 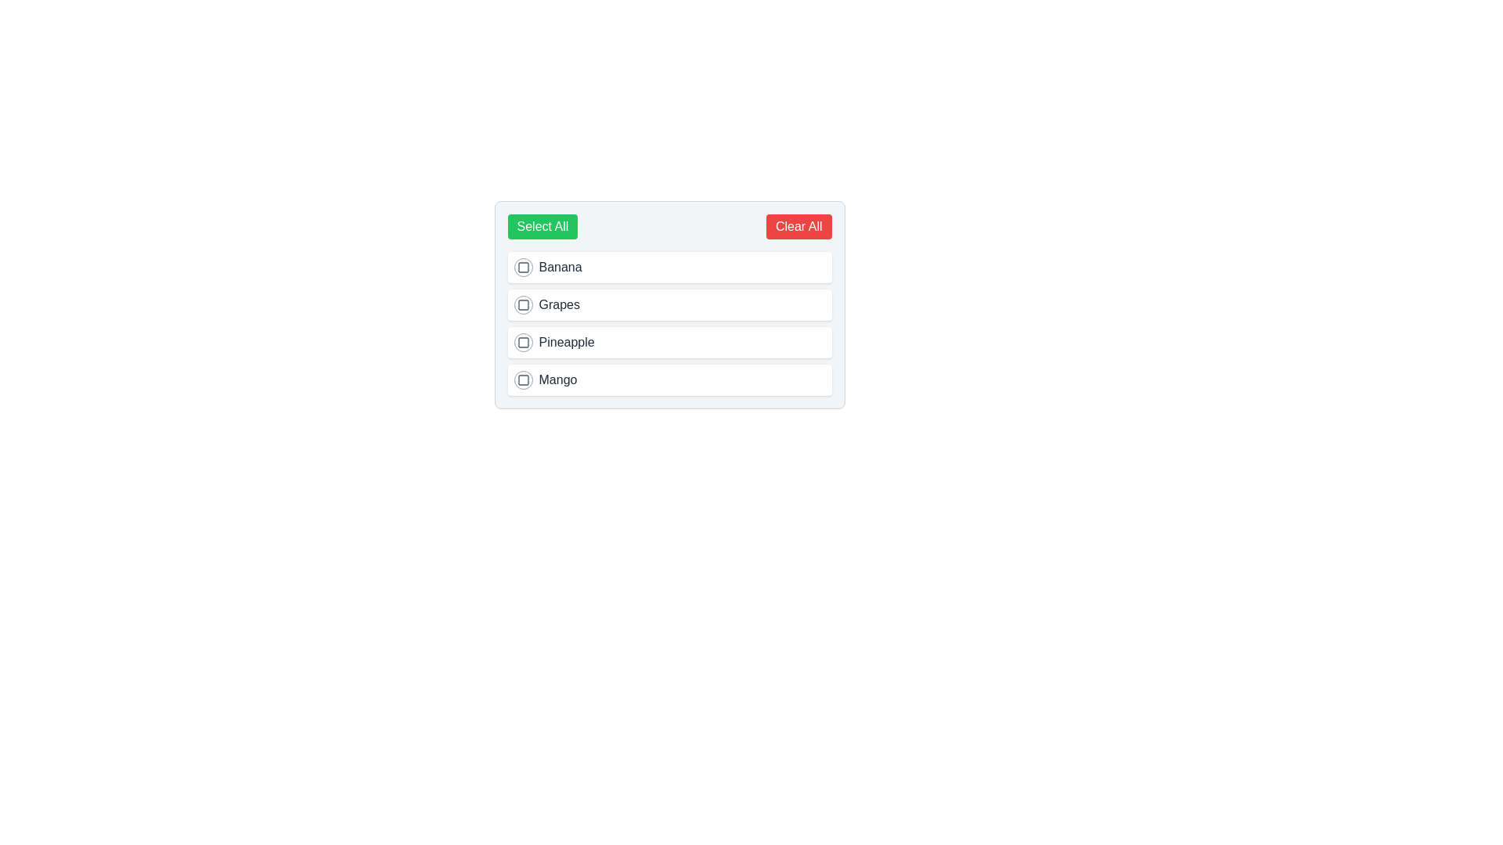 What do you see at coordinates (566, 342) in the screenshot?
I see `the Text Label displaying 'Pineapple'` at bounding box center [566, 342].